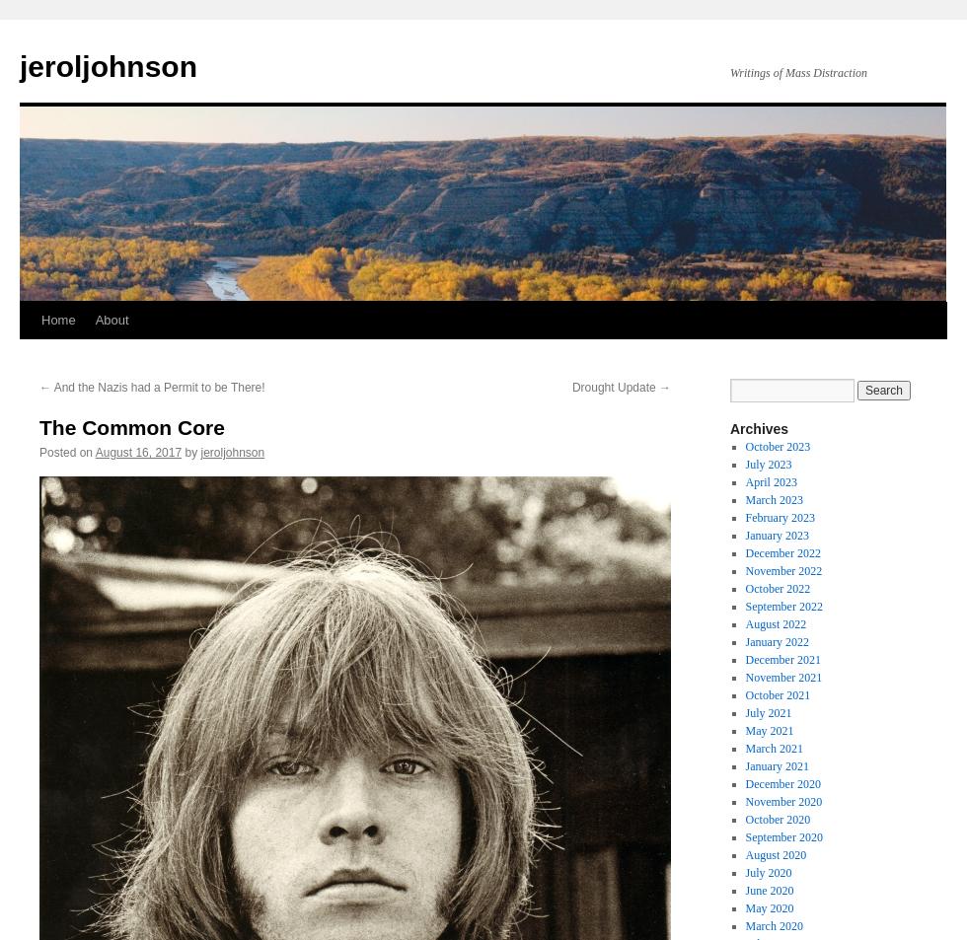  What do you see at coordinates (768, 463) in the screenshot?
I see `'July 2023'` at bounding box center [768, 463].